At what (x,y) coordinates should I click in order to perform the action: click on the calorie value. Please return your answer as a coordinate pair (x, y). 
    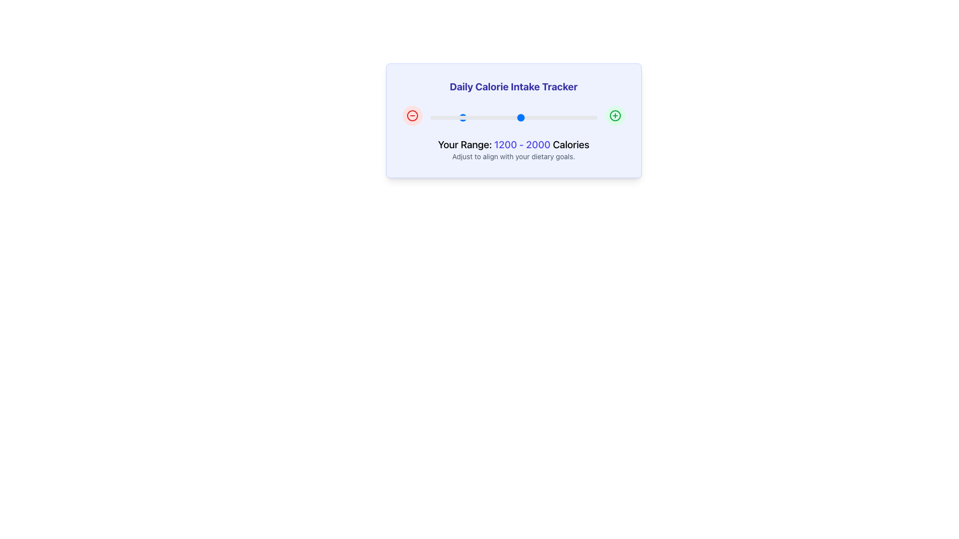
    Looking at the image, I should click on (501, 117).